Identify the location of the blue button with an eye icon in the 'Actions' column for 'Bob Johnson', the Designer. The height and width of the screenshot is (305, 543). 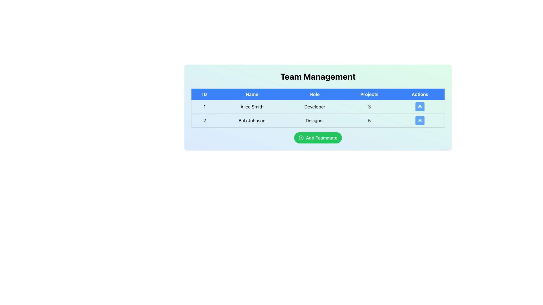
(420, 120).